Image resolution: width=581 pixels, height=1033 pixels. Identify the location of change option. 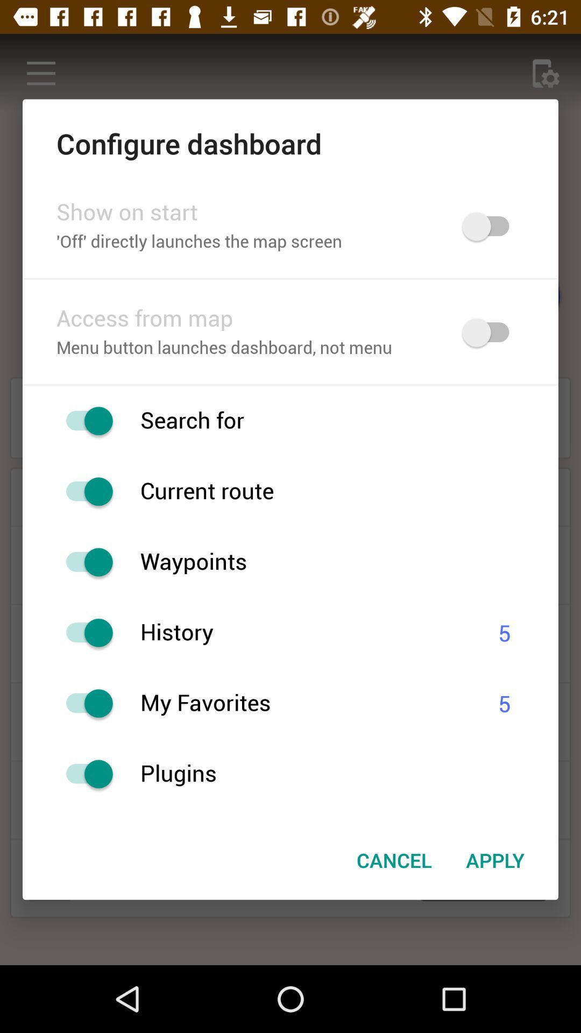
(83, 562).